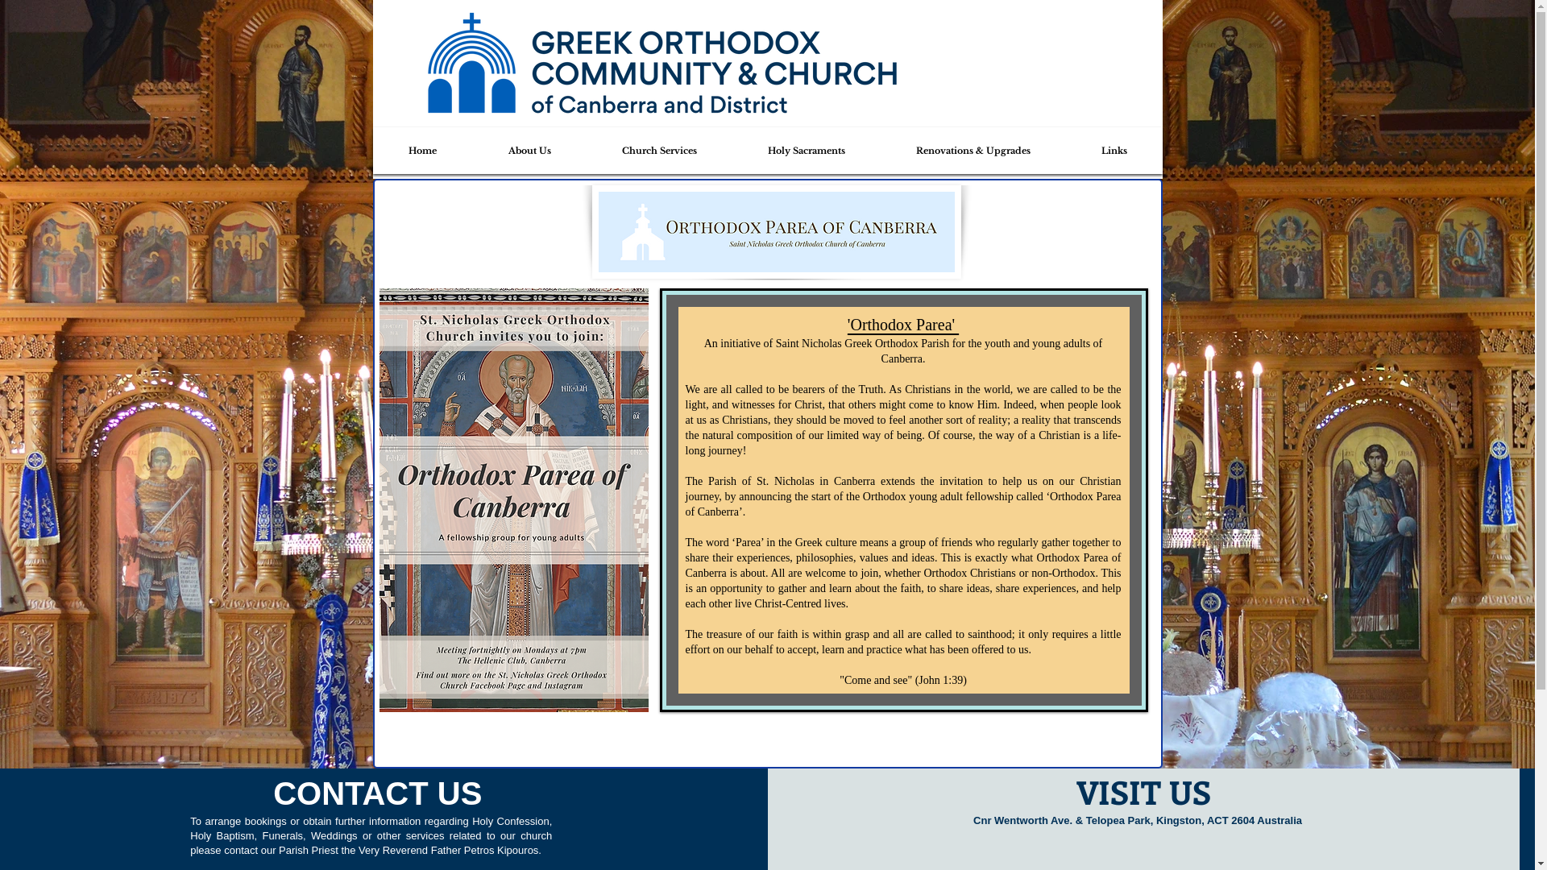 The image size is (1547, 870). Describe the element at coordinates (375, 150) in the screenshot. I see `'Home'` at that location.